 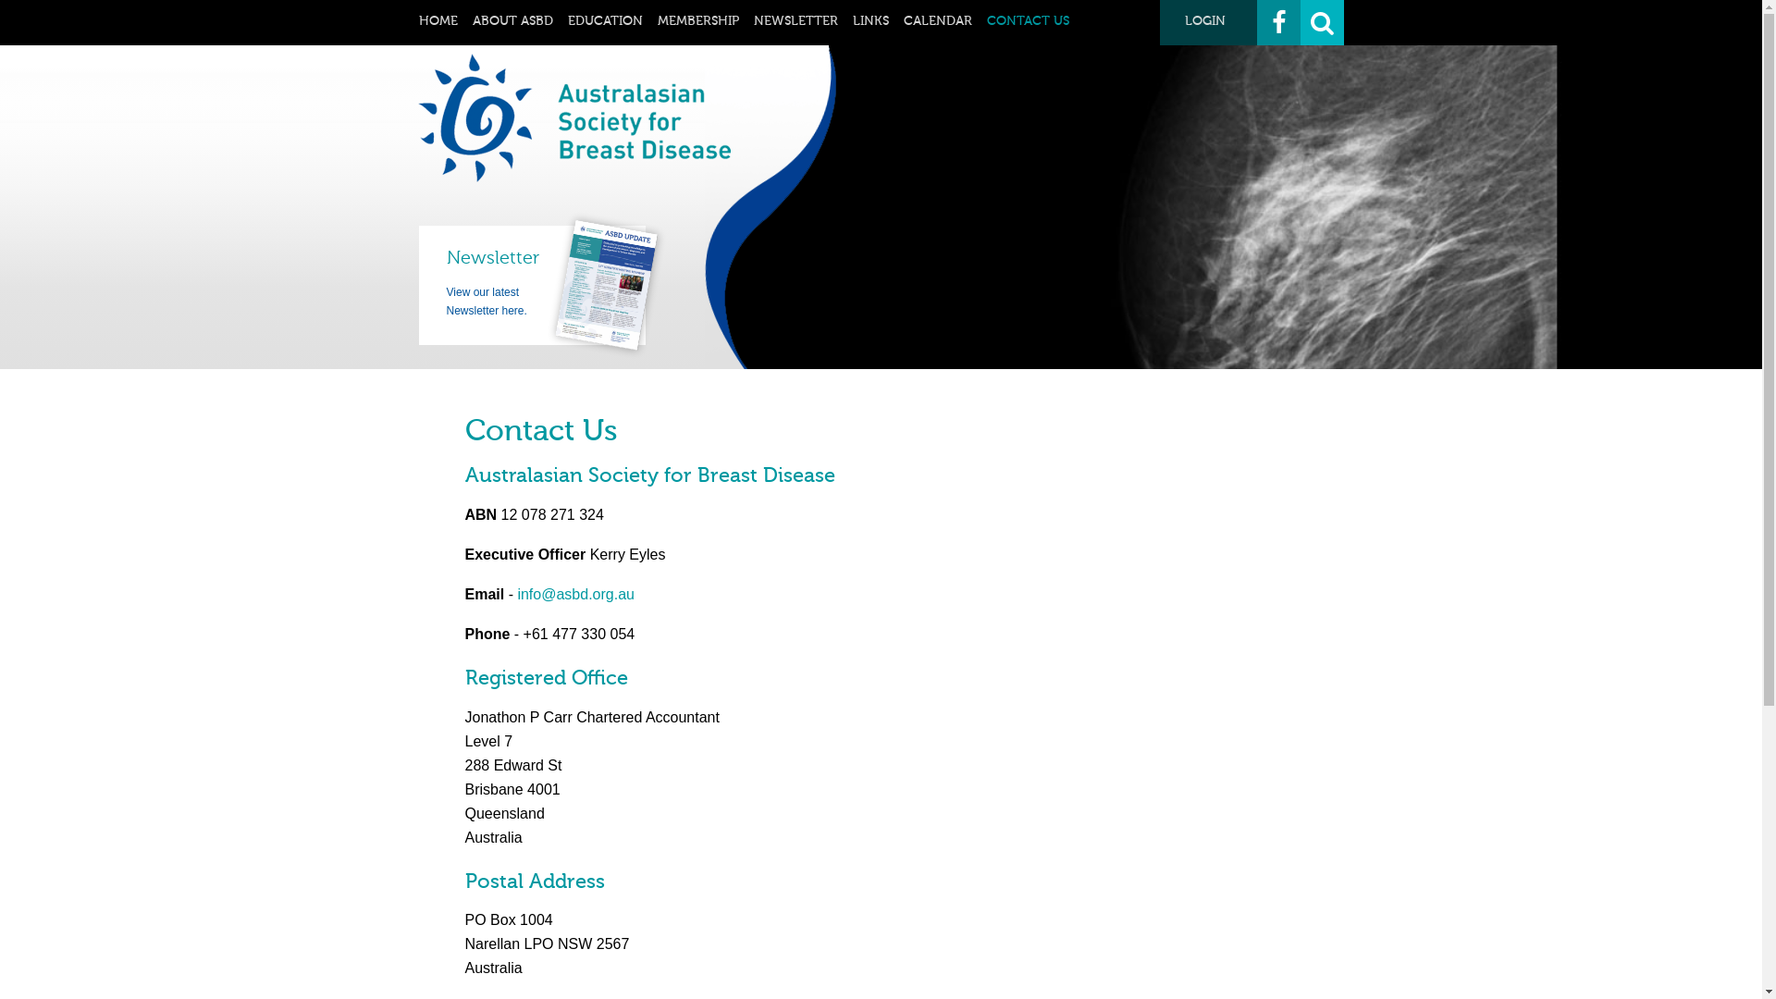 What do you see at coordinates (605, 21) in the screenshot?
I see `'EDUCATION'` at bounding box center [605, 21].